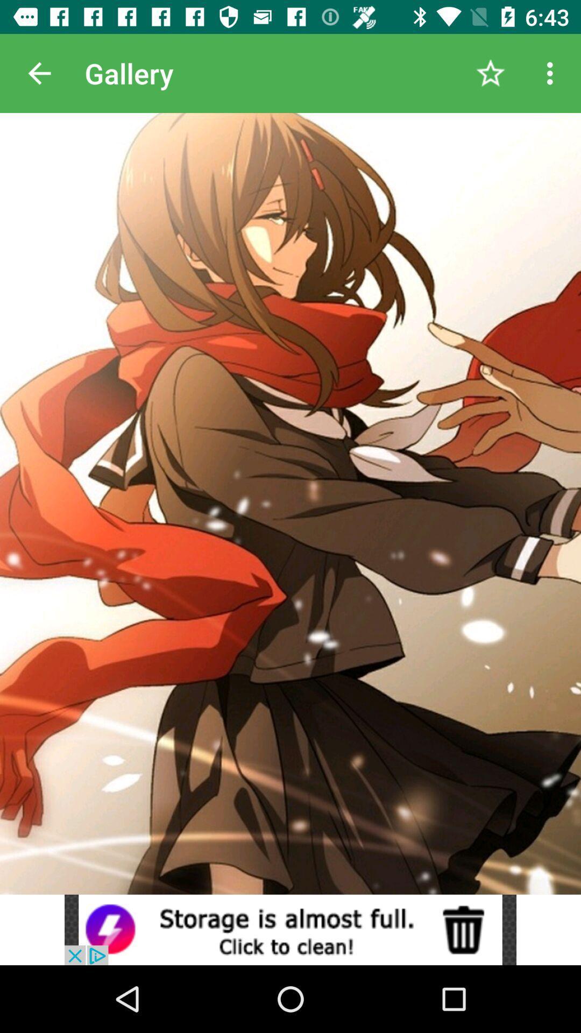 The width and height of the screenshot is (581, 1033). What do you see at coordinates (290, 929) in the screenshot?
I see `advertisement page` at bounding box center [290, 929].